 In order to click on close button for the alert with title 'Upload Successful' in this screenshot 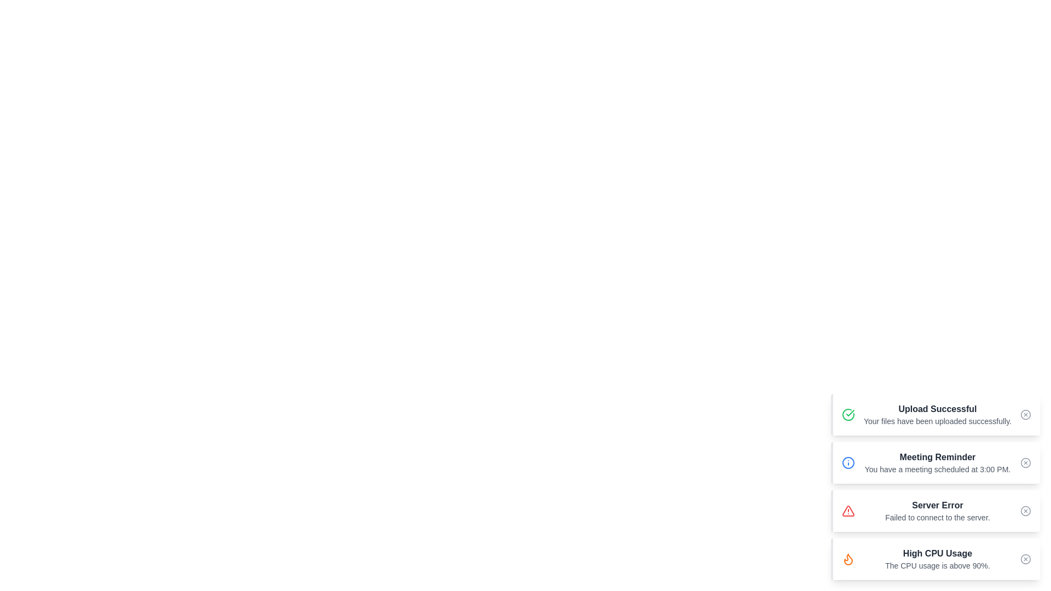, I will do `click(1025, 415)`.